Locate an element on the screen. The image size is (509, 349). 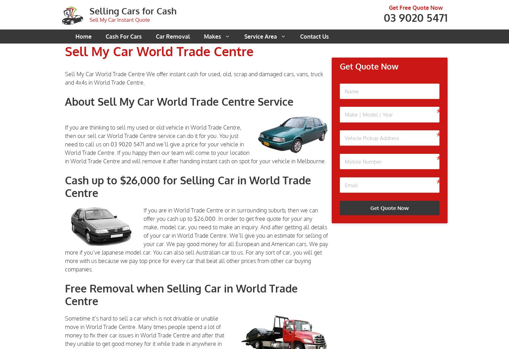
'03 9020 5471' is located at coordinates (415, 17).